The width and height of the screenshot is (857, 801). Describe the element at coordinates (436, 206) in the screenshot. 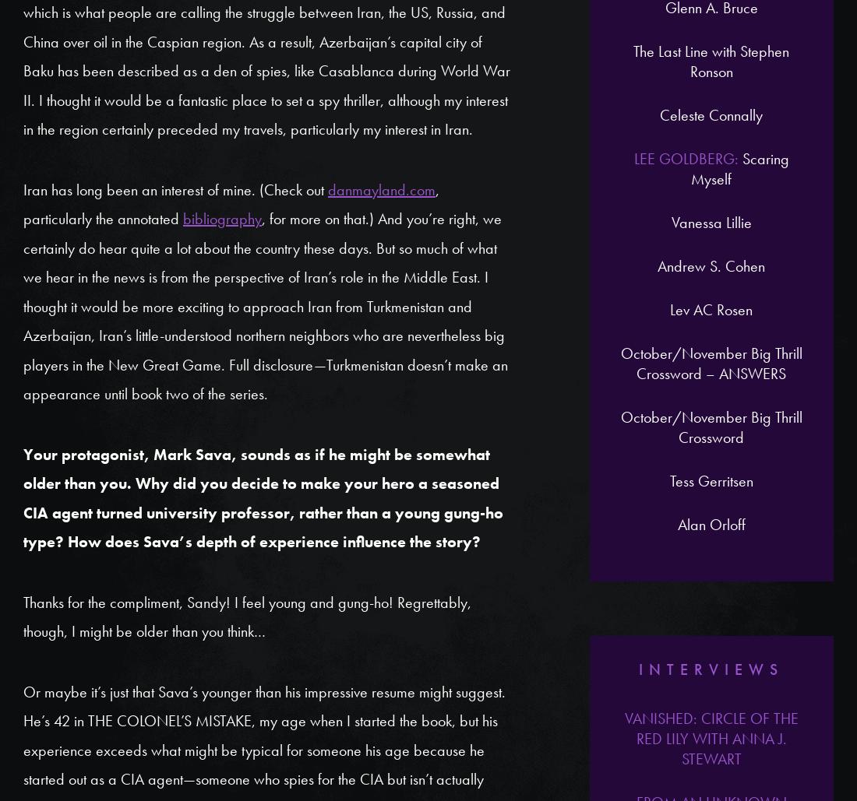

I see `'Contribute'` at that location.